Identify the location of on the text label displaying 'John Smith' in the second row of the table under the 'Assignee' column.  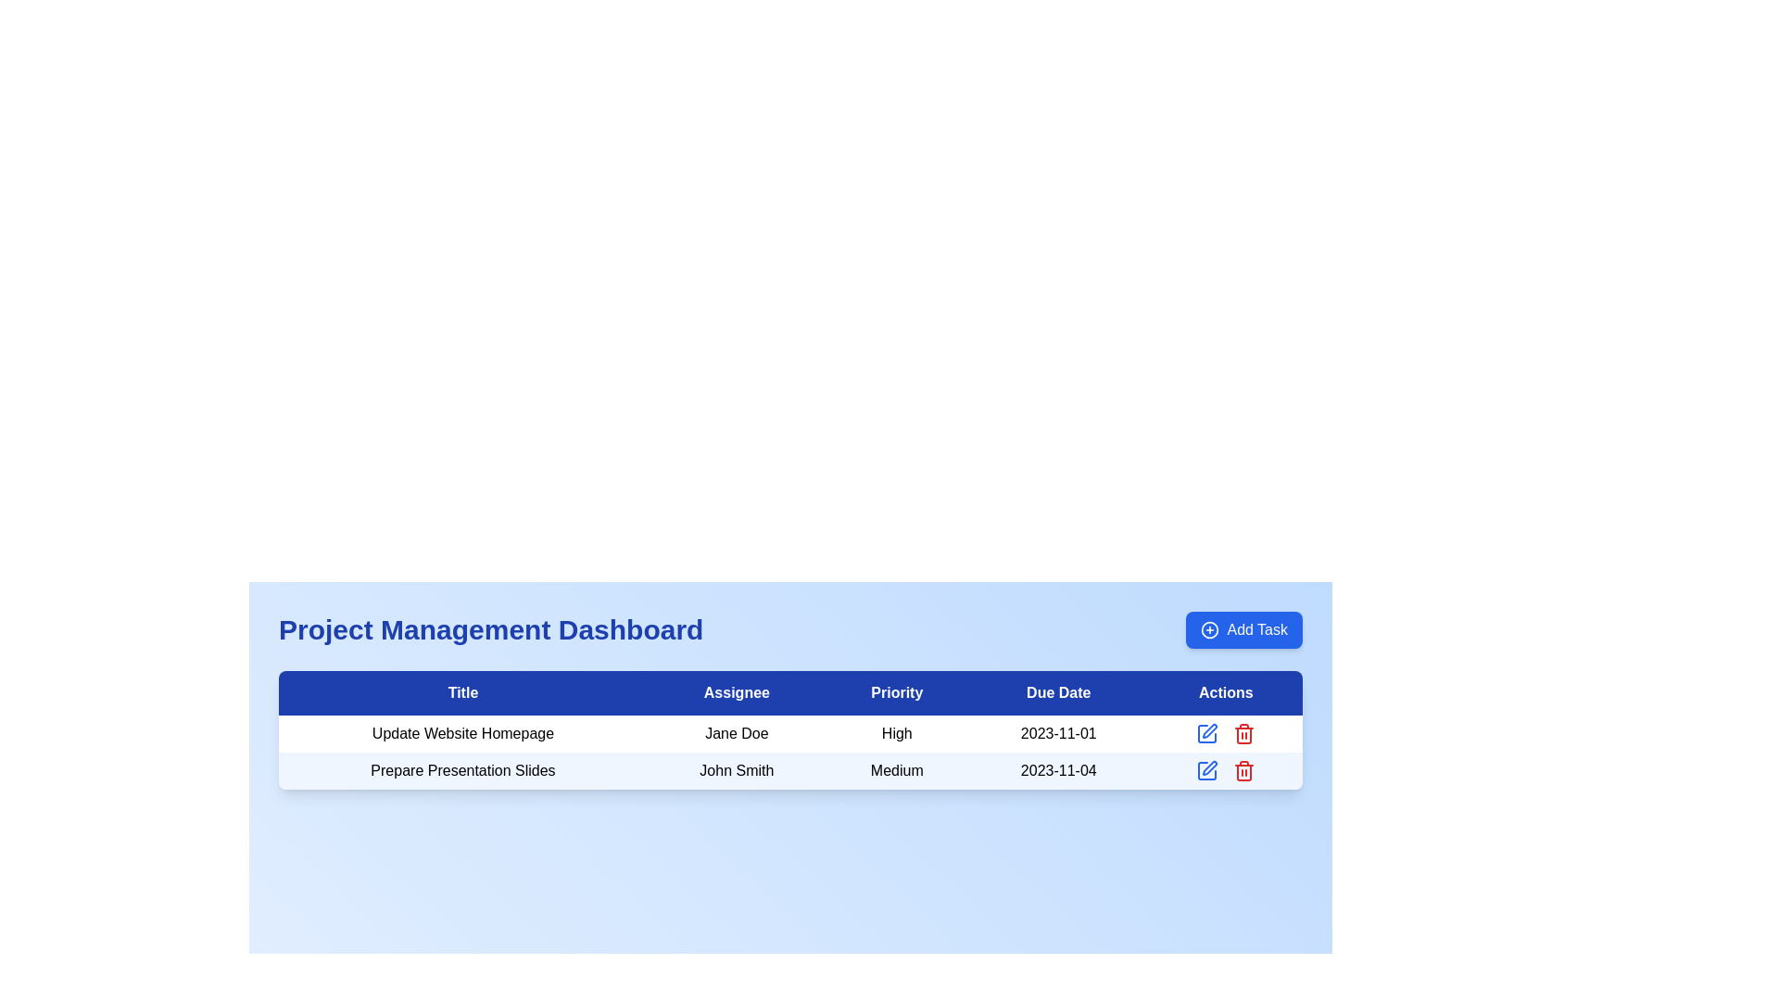
(736, 771).